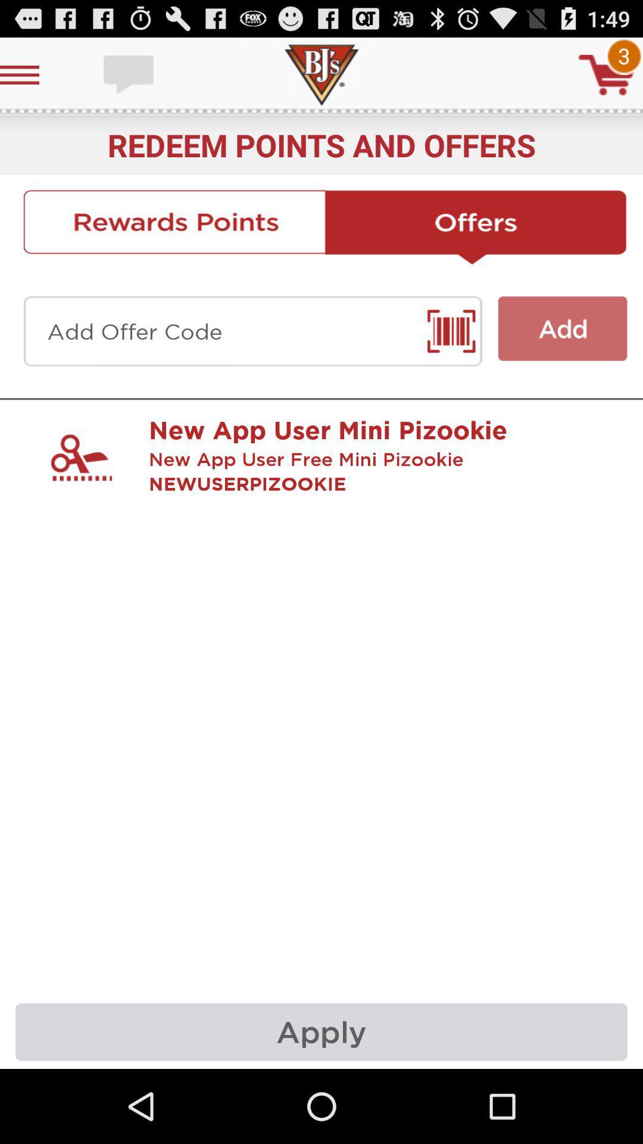 The width and height of the screenshot is (643, 1144). I want to click on comment icon, so click(130, 74).